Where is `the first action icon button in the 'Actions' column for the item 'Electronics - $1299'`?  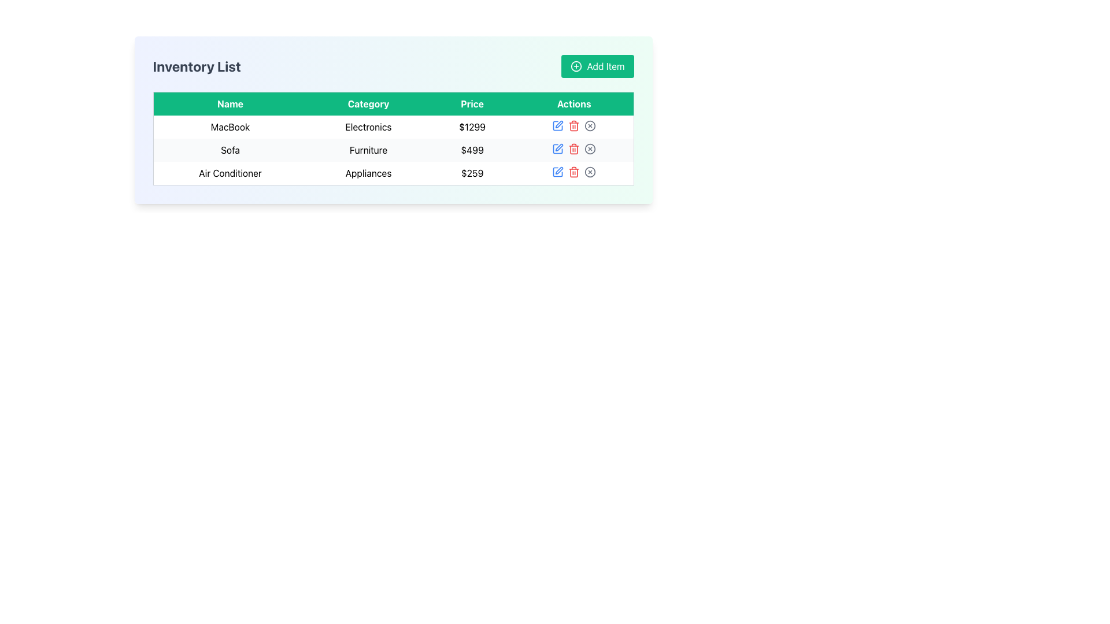 the first action icon button in the 'Actions' column for the item 'Electronics - $1299' is located at coordinates (557, 126).